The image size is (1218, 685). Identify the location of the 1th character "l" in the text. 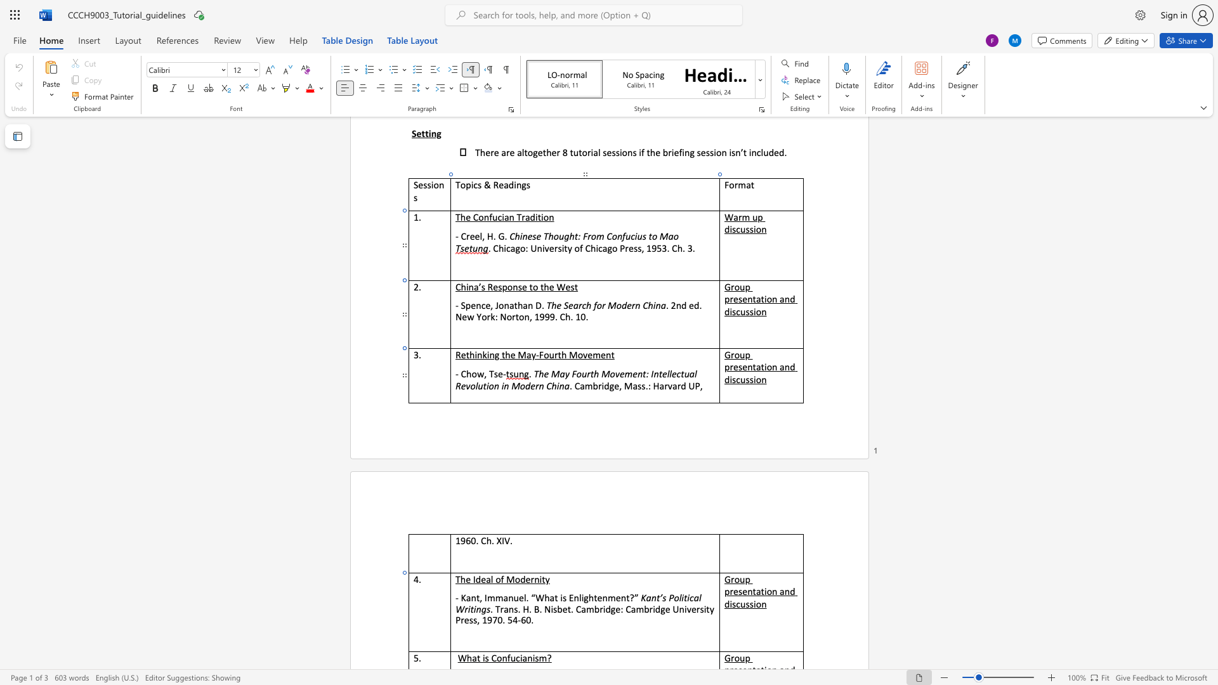
(525, 597).